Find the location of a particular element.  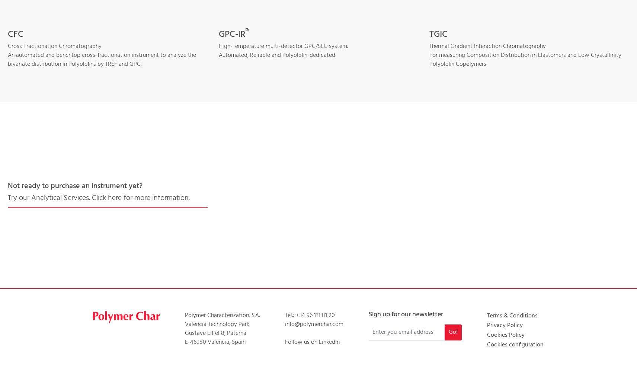

'Cross Fractionation Chromatography' is located at coordinates (54, 45).